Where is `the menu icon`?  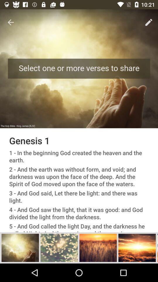
the menu icon is located at coordinates (157, 247).